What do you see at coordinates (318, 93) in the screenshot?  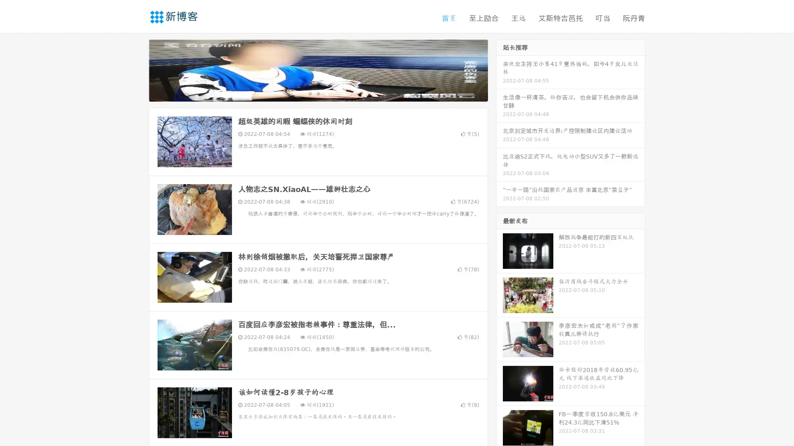 I see `Go to slide 2` at bounding box center [318, 93].